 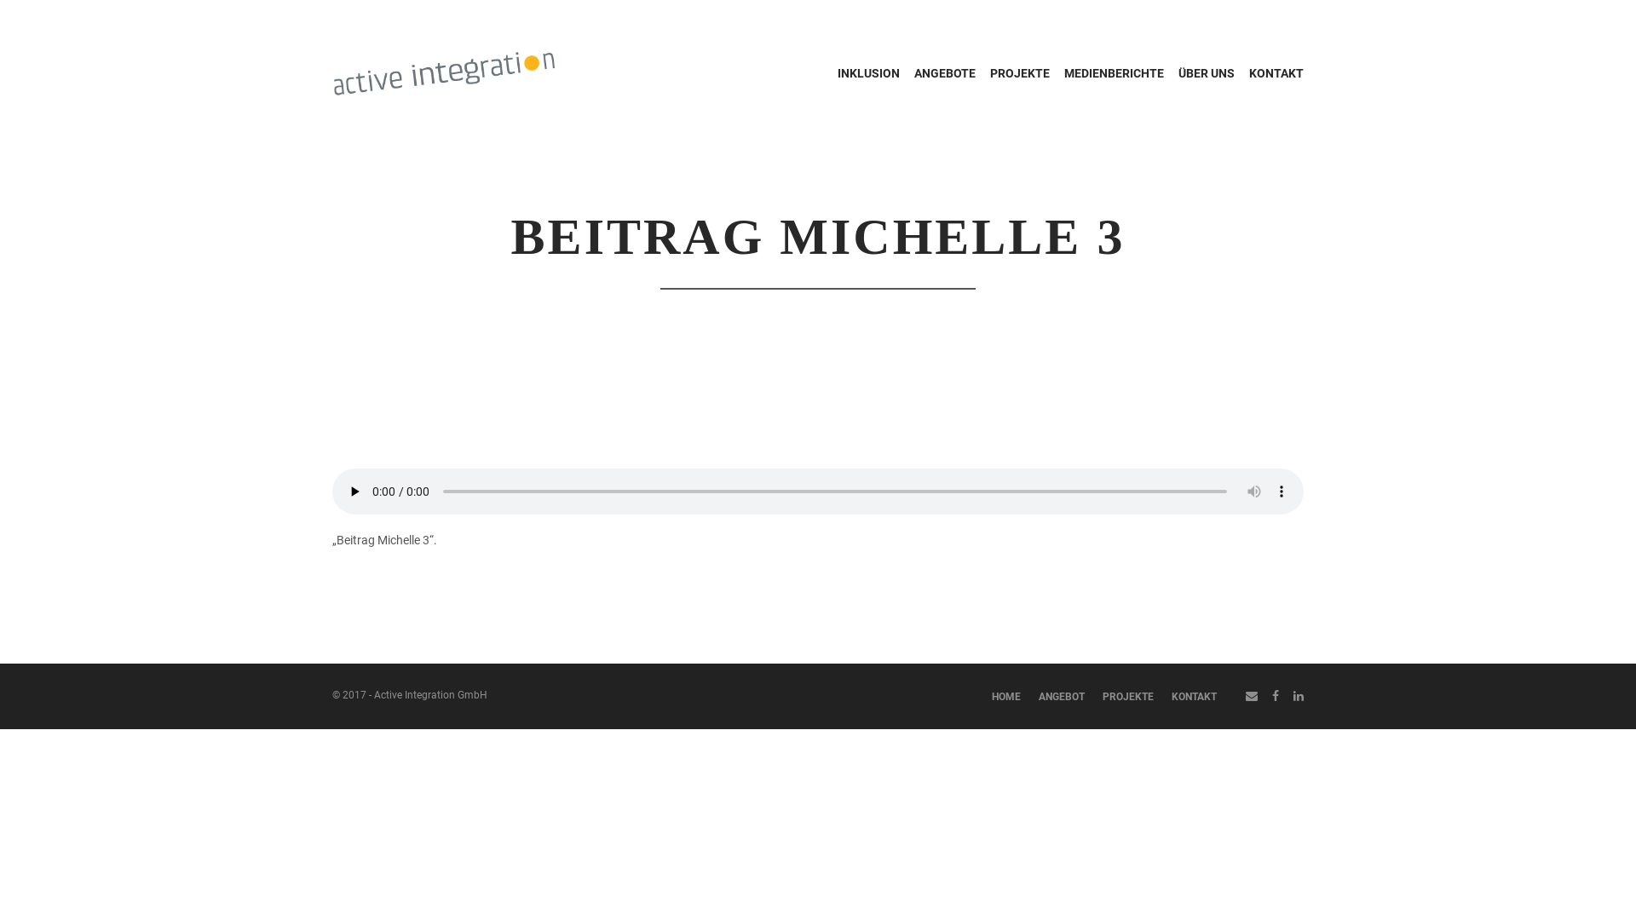 What do you see at coordinates (1114, 72) in the screenshot?
I see `'MEDIENBERICHTE'` at bounding box center [1114, 72].